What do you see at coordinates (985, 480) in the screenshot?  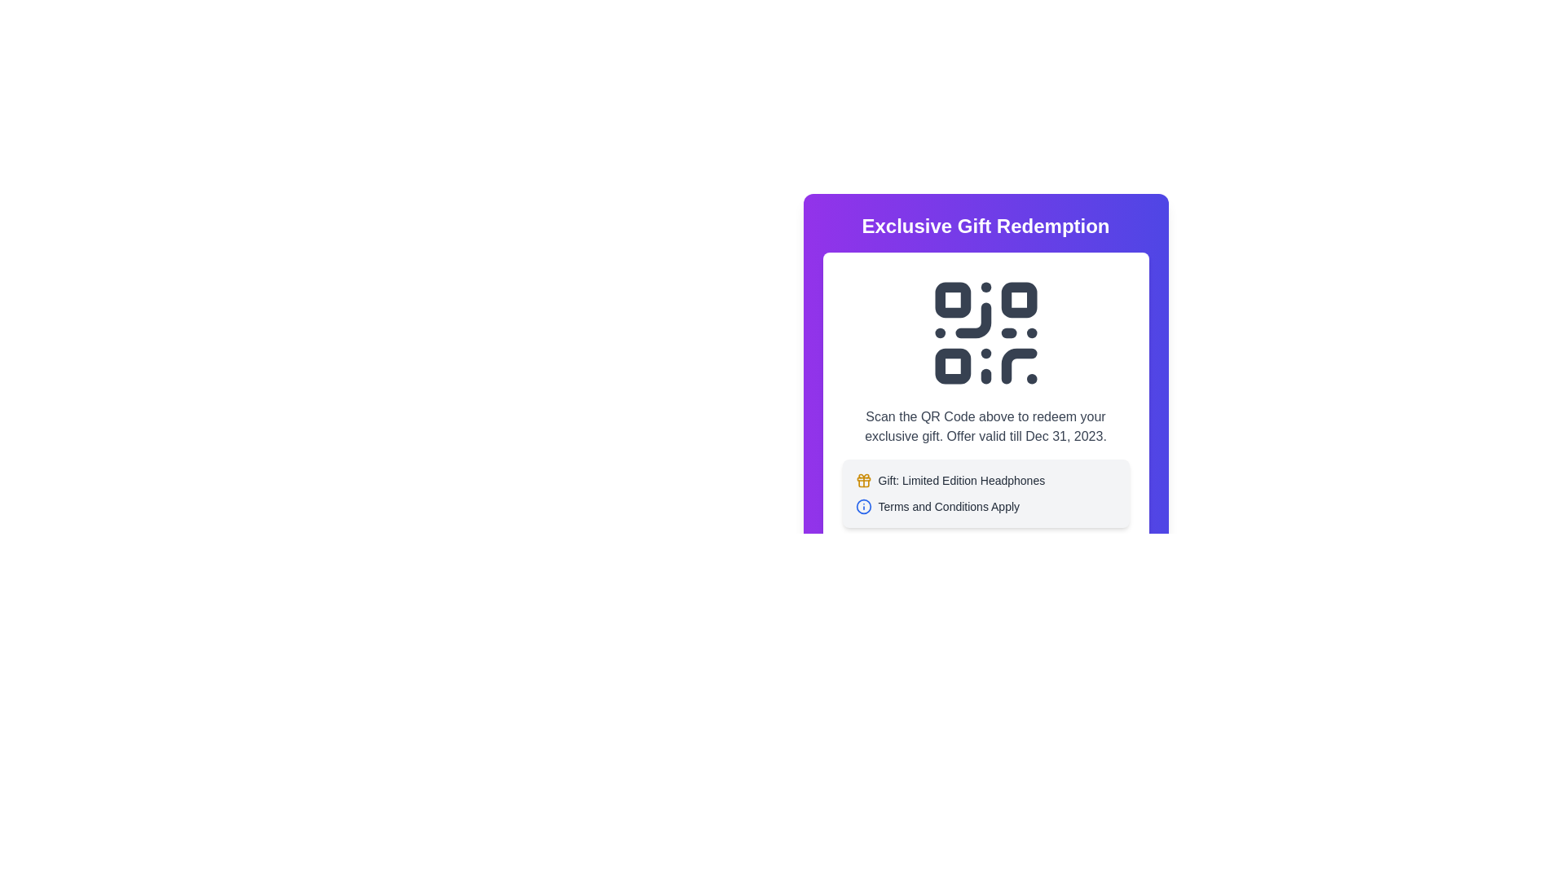 I see `the 'Limited Edition Headphones' promotional Text with Icon located at the top-left of the promotional content box, specifically to engage with adjacent components` at bounding box center [985, 480].